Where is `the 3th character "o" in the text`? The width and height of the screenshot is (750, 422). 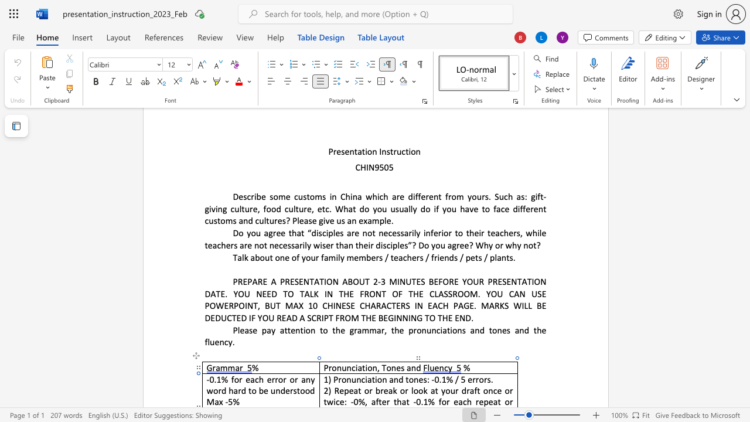
the 3th character "o" in the text is located at coordinates (411, 379).